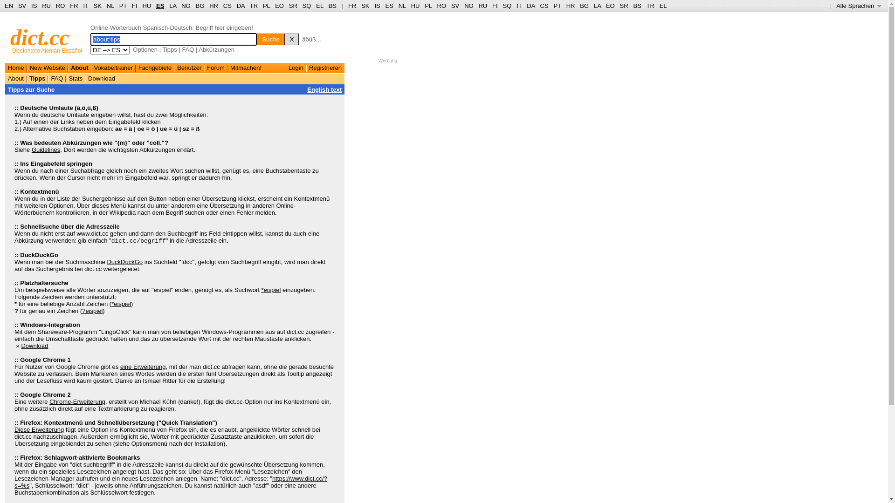  What do you see at coordinates (123, 6) in the screenshot?
I see `'PT'` at bounding box center [123, 6].